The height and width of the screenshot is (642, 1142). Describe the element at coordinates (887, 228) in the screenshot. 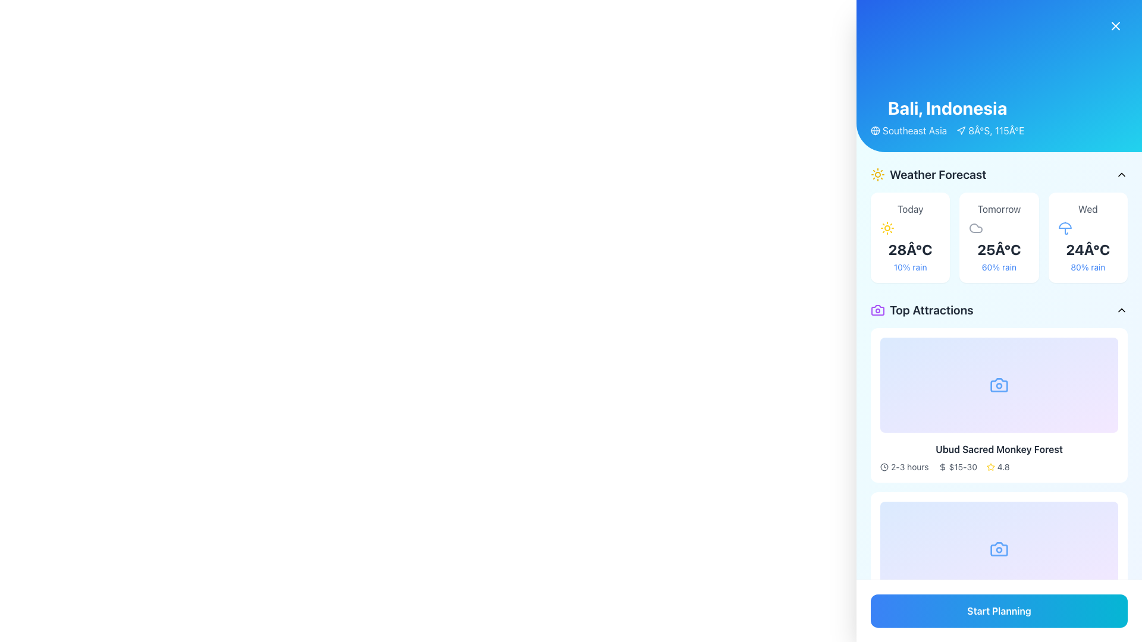

I see `the leftmost weather icon that indicates today's sunny weather forecast in the 'Weather Forecast' section` at that location.